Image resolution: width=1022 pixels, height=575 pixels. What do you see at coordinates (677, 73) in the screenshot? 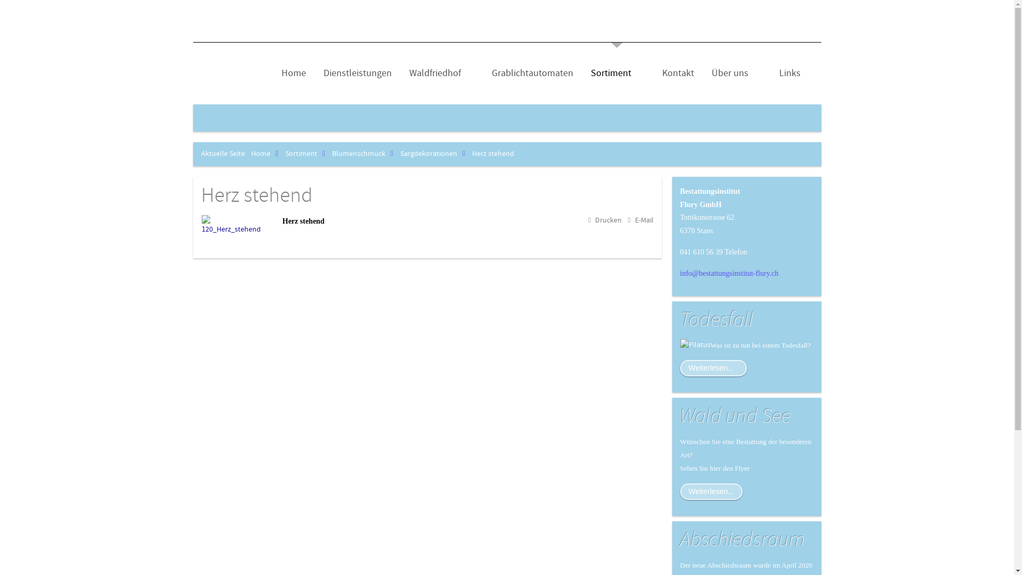
I see `'Kontakt'` at bounding box center [677, 73].